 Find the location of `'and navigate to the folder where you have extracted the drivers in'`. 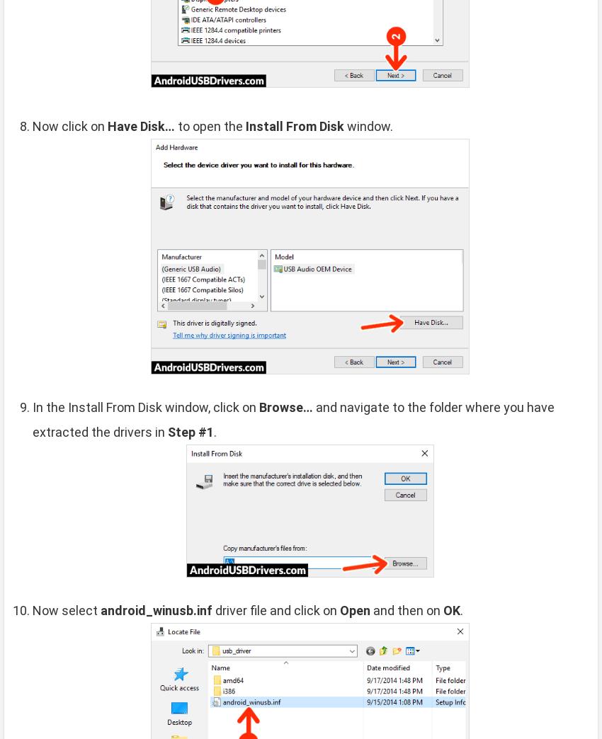

'and navigate to the folder where you have extracted the drivers in' is located at coordinates (293, 419).